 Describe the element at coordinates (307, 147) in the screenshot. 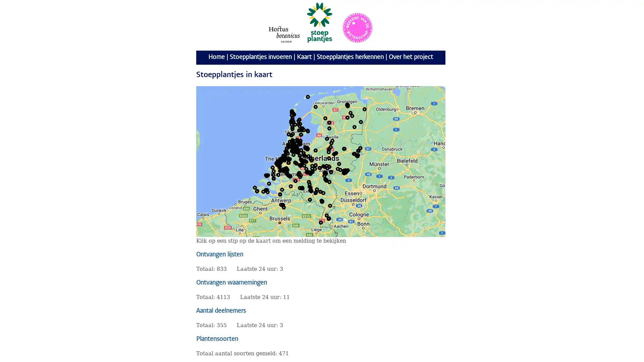

I see `Telling van 7 op 23 november 2021` at that location.